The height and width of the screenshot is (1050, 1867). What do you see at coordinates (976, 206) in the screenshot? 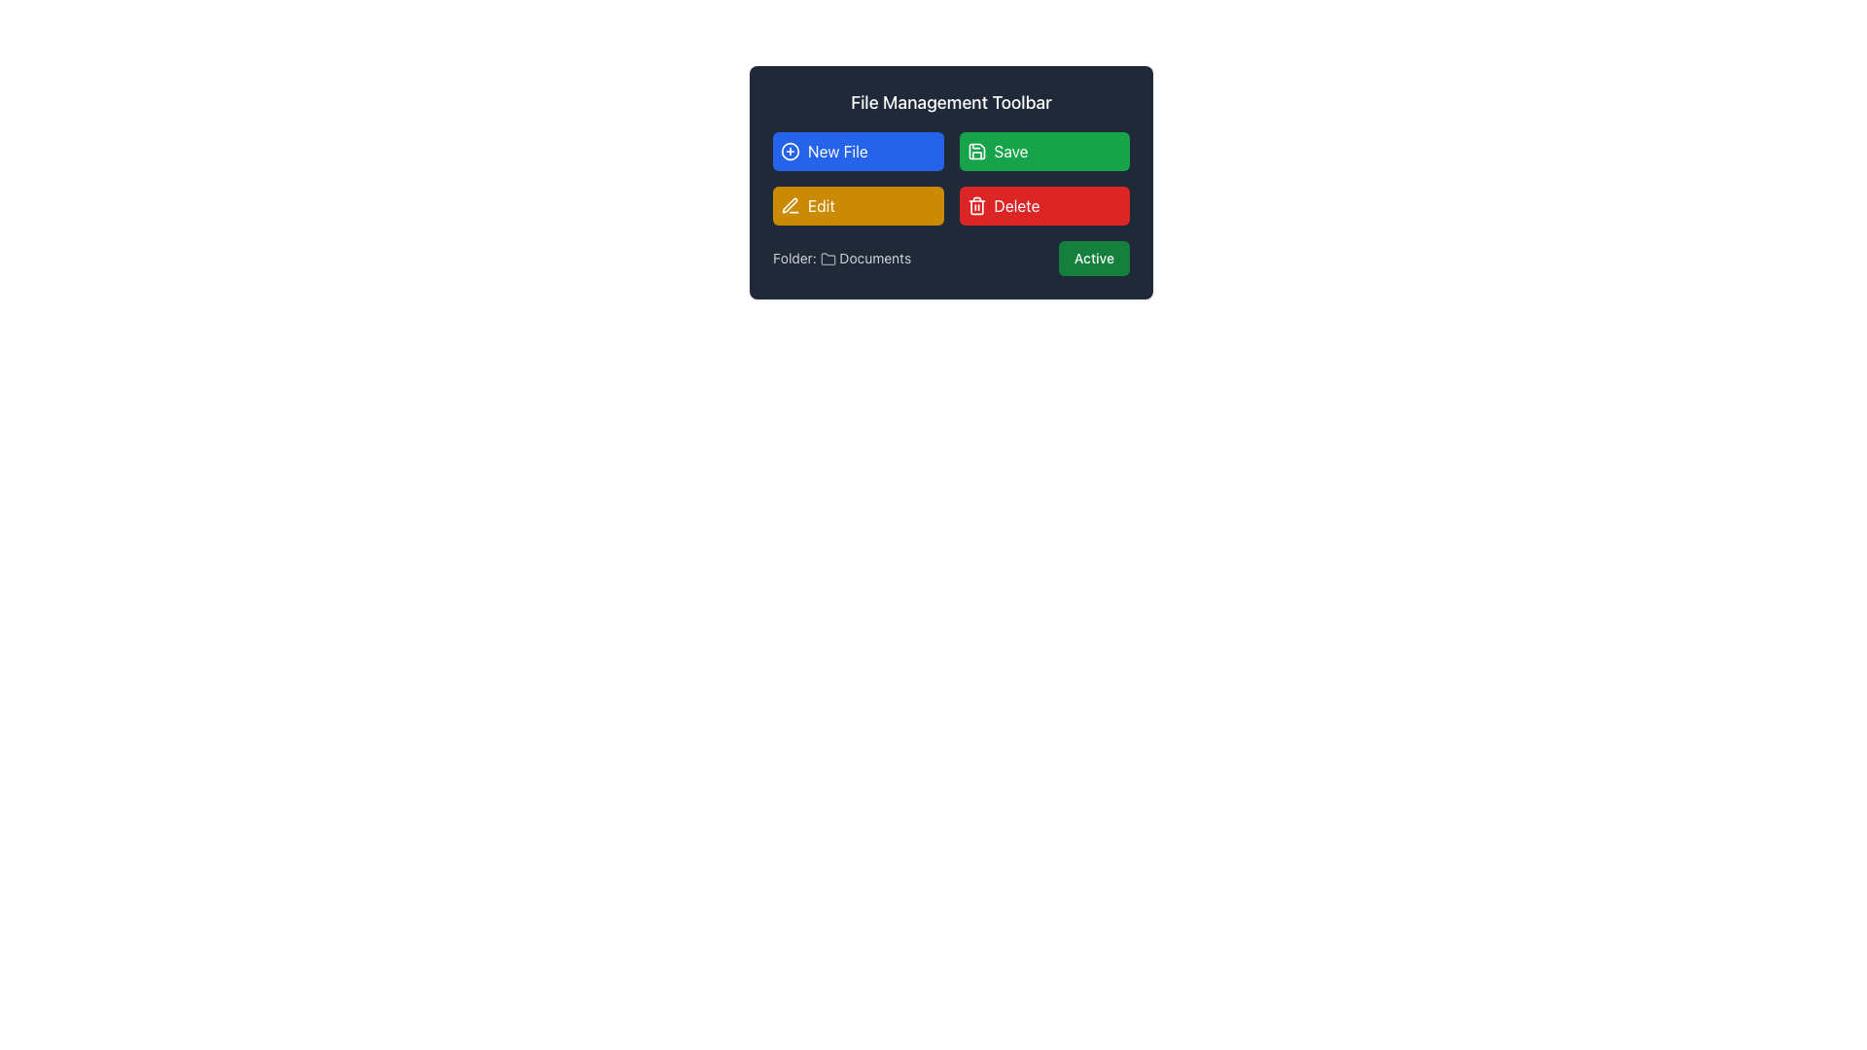
I see `the trash icon within the 'Delete' button to initiate the delete action` at bounding box center [976, 206].